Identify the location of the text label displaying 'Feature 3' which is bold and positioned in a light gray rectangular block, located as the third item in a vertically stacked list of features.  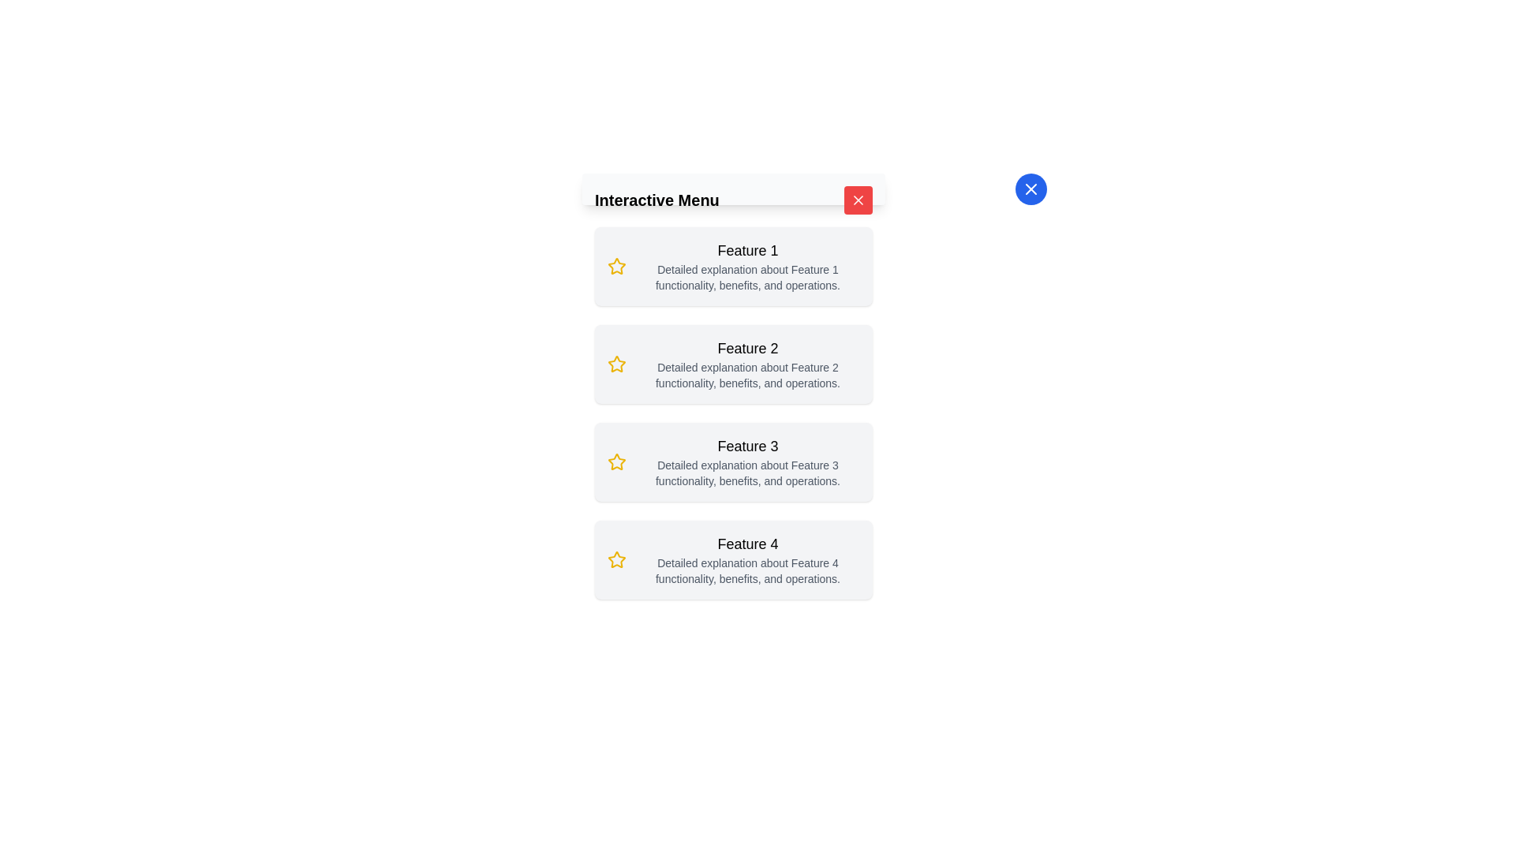
(747, 447).